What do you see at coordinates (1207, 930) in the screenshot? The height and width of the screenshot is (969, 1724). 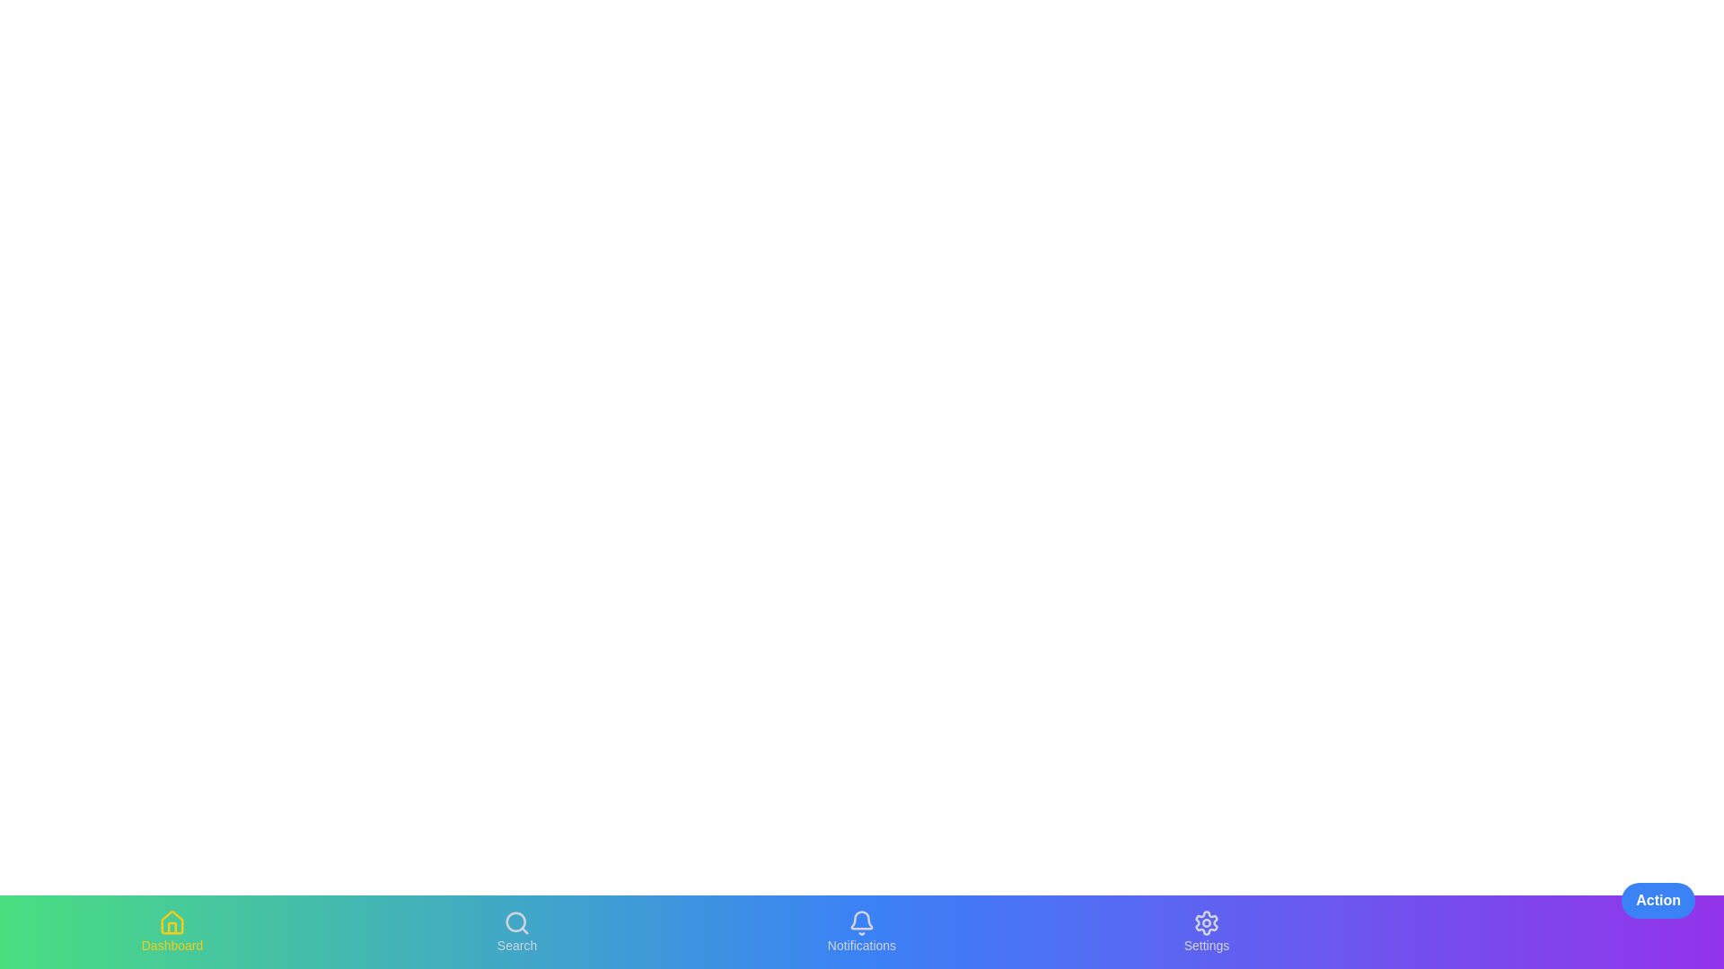 I see `the navigation item labeled Settings from the bottom bar` at bounding box center [1207, 930].